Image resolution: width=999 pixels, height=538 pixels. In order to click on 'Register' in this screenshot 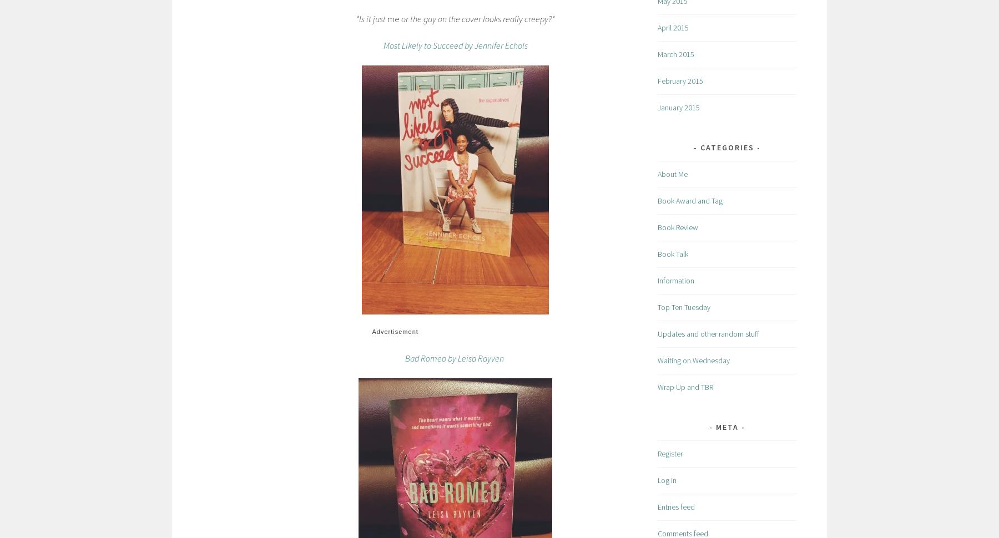, I will do `click(669, 453)`.